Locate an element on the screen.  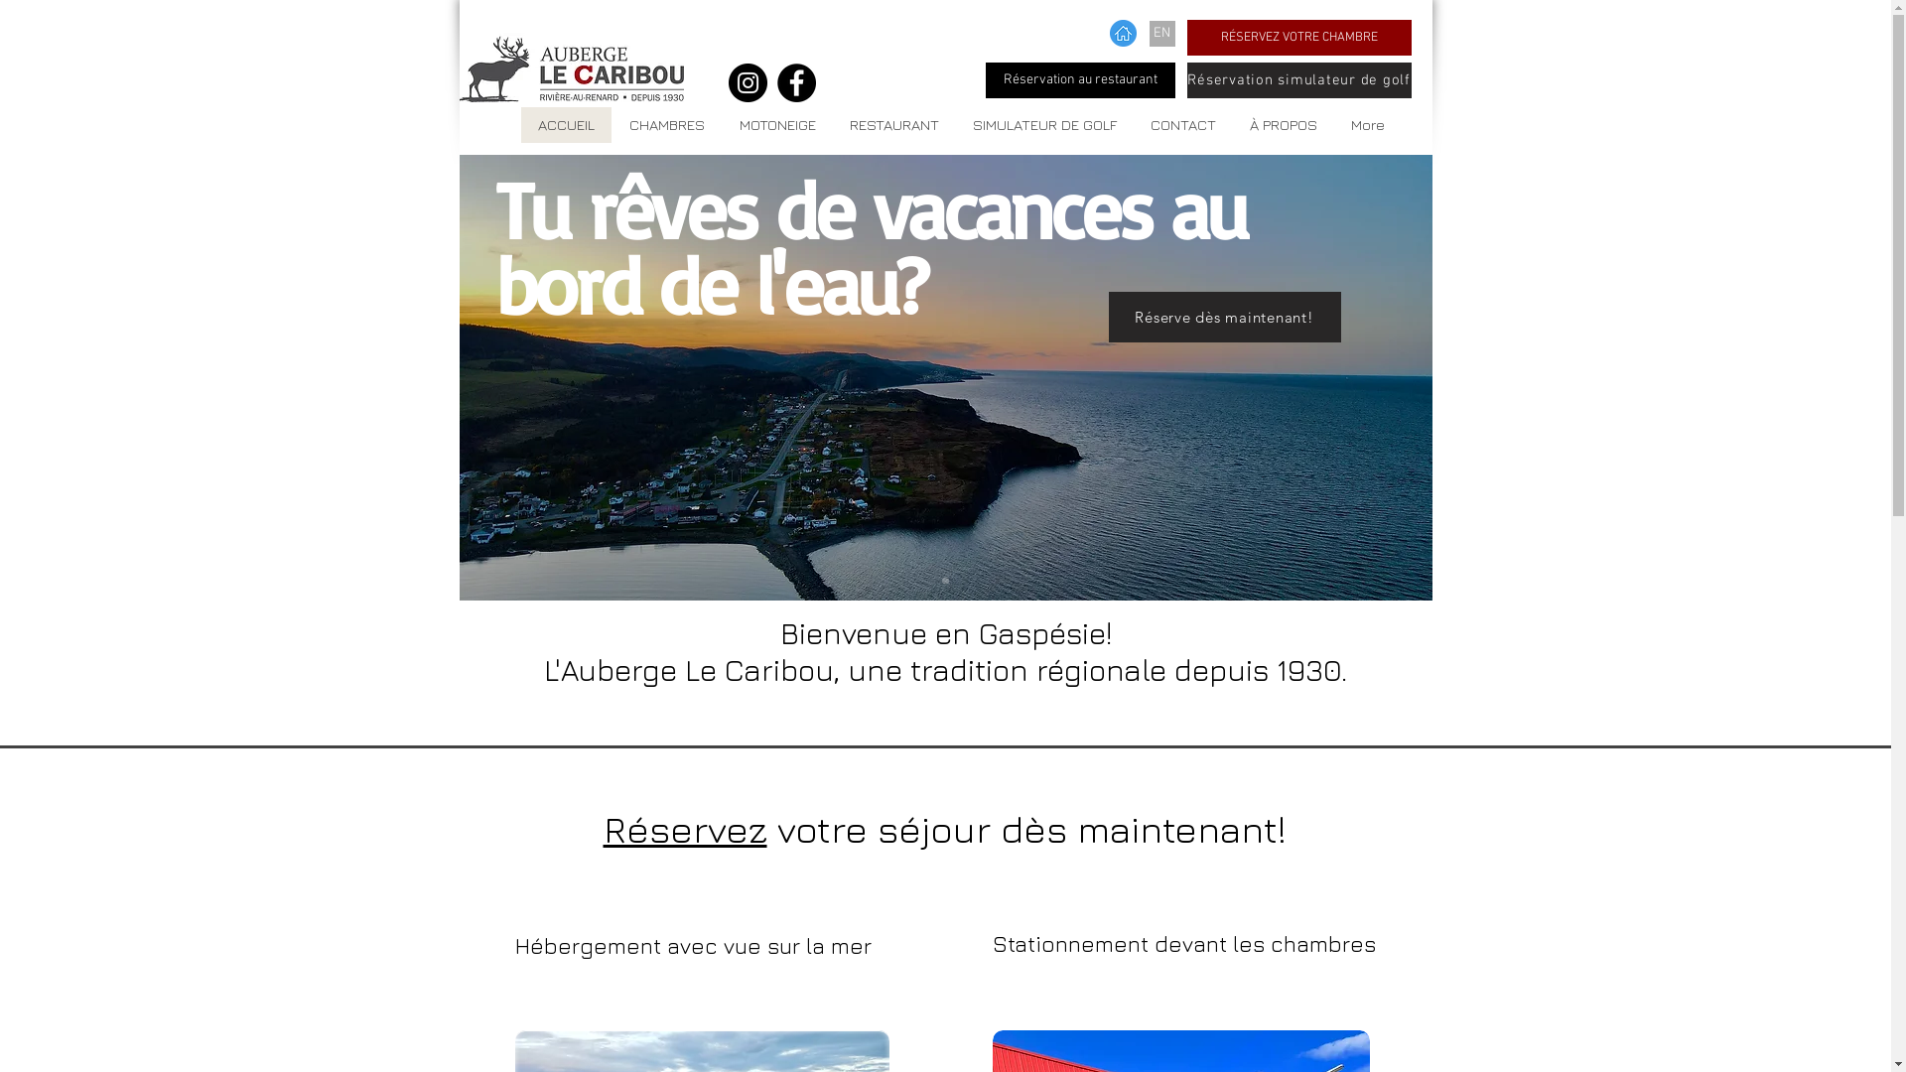
'ACCUEIL' is located at coordinates (564, 125).